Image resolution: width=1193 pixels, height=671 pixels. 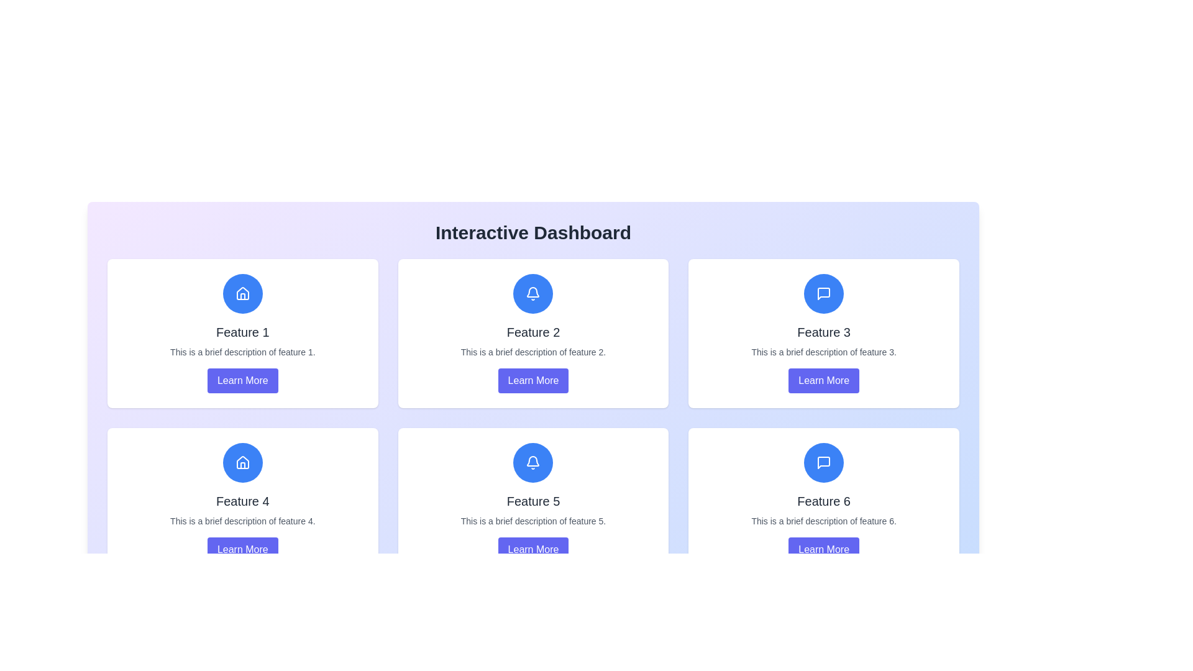 What do you see at coordinates (533, 294) in the screenshot?
I see `the notification icon button located at the upper center of the 'Feature 2' card, which serves to represent notifications or alerts` at bounding box center [533, 294].